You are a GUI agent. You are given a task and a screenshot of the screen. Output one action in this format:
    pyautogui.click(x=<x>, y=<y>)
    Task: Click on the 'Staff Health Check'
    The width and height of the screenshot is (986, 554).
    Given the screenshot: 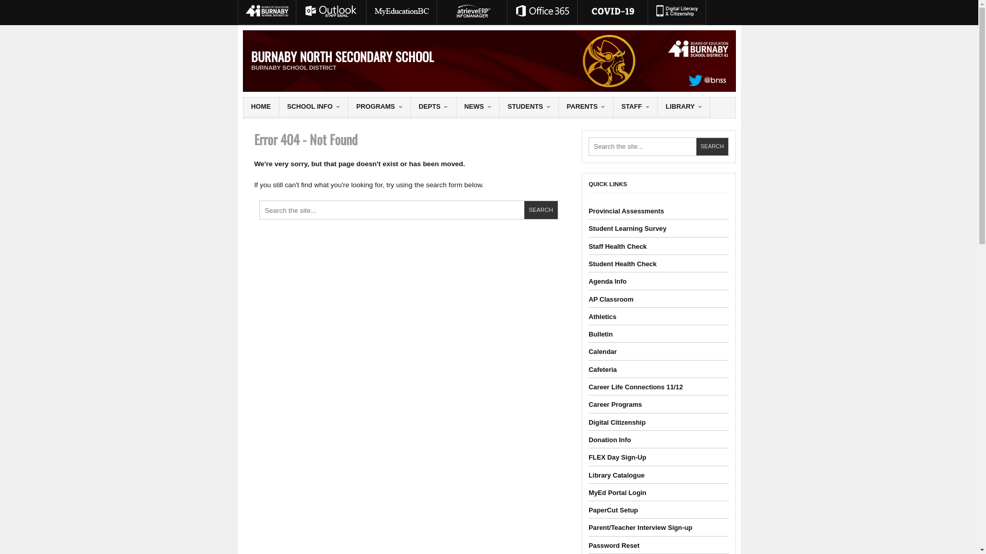 What is the action you would take?
    pyautogui.click(x=617, y=246)
    